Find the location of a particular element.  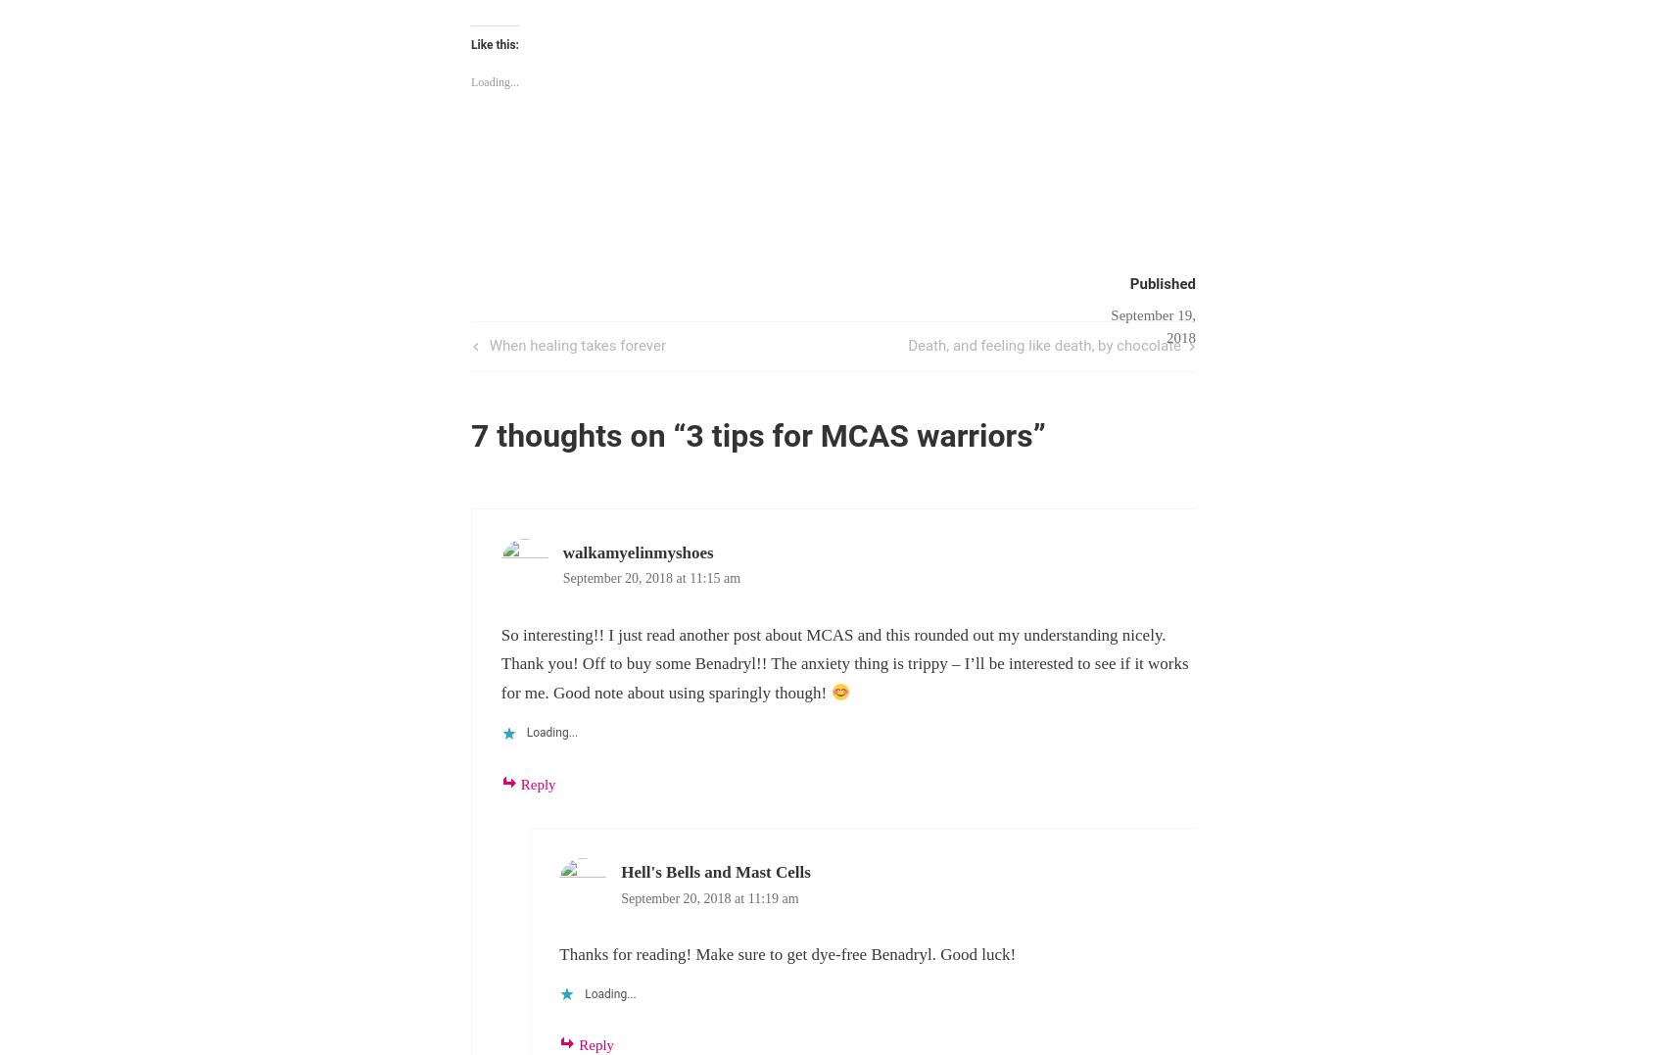

'So interesting!! I just read another post about MCAS and this rounded out my understanding nicely. Thank you! Off to buy some Benadryl!! The anxiety thing is trippy – I’ll be interested to see if it works for me. Good note about using sparingly though!' is located at coordinates (844, 662).